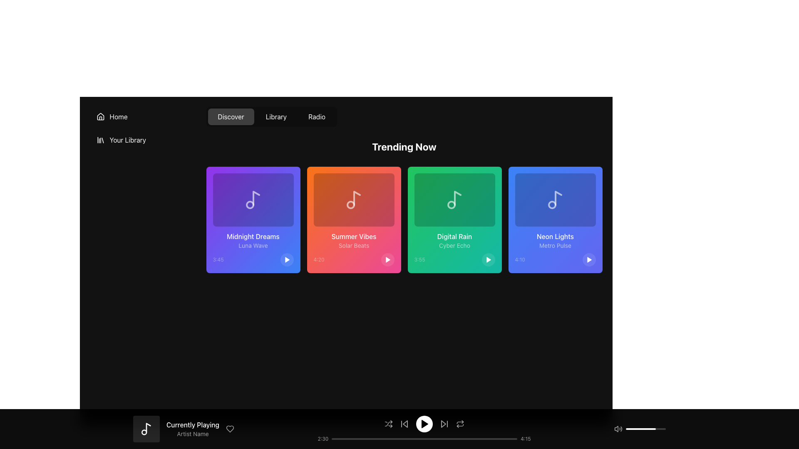 The width and height of the screenshot is (799, 449). I want to click on the text label displaying 'Metro Pulse', which is located in the fourth card of the 'Trending Now' section, positioned below 'Neon Lights' and above the time indicator '4:10', so click(555, 245).